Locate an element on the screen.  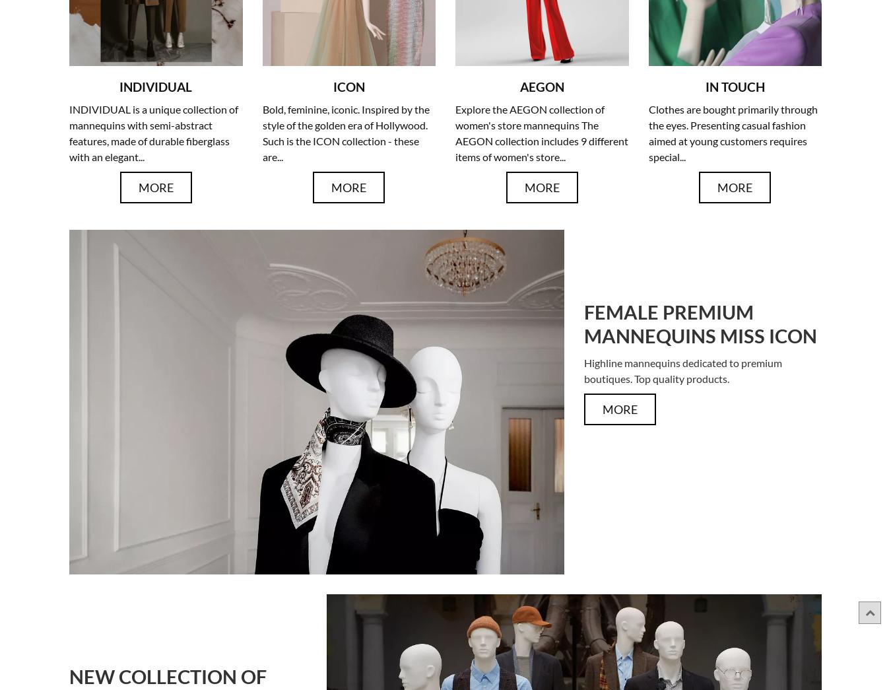
'Explore the AEGON collection of women's store mannequins
The AEGON collection includes 9 different items of women's store...' is located at coordinates (541, 133).